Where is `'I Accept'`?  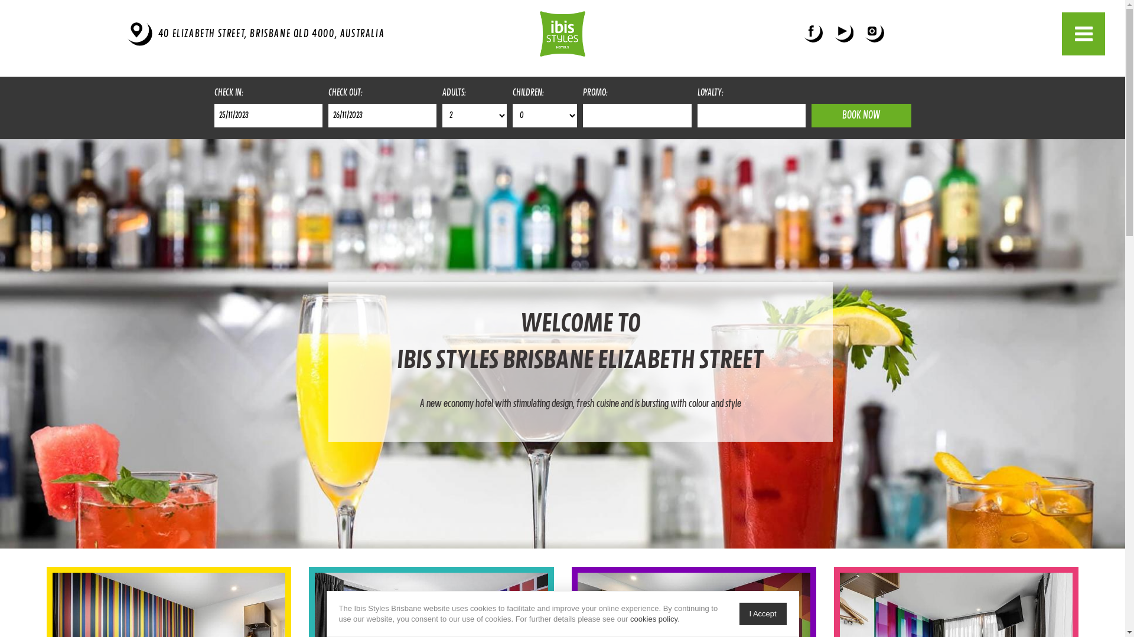
'I Accept' is located at coordinates (762, 613).